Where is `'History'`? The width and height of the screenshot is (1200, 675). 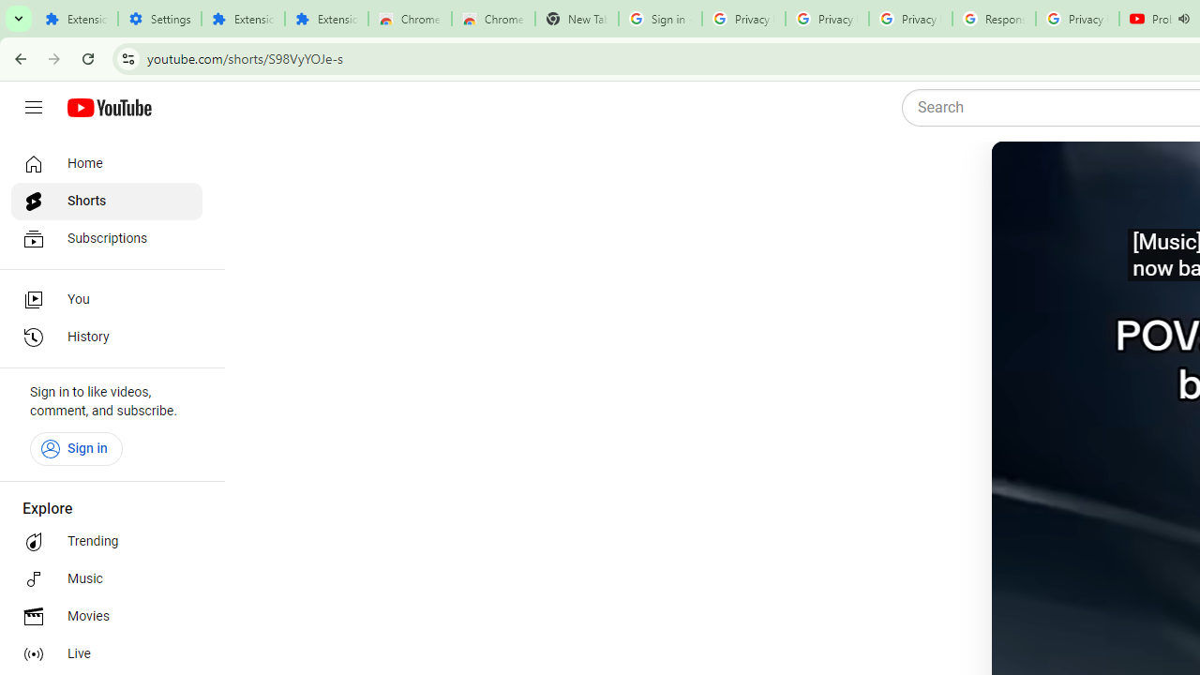
'History' is located at coordinates (105, 337).